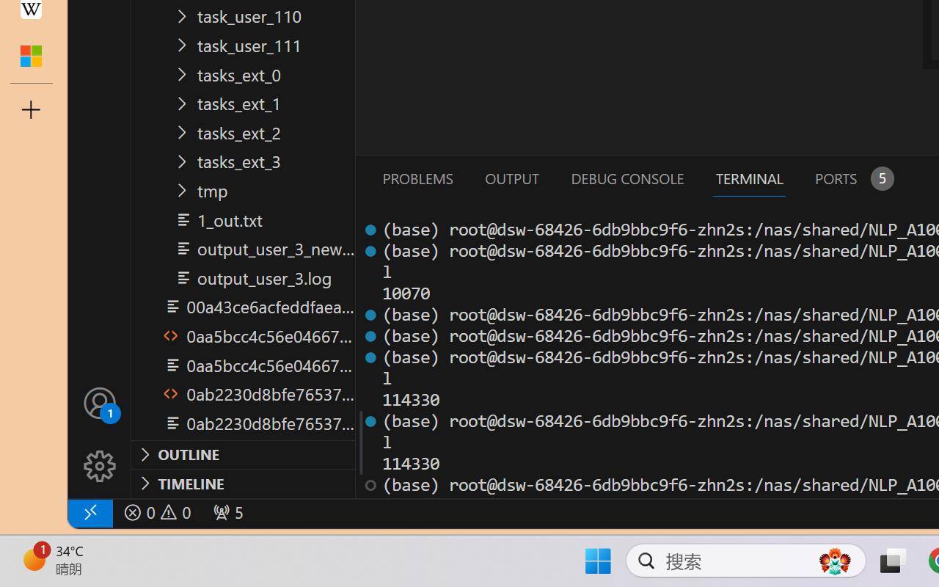  I want to click on 'Problems (Ctrl+Shift+M)', so click(416, 178).